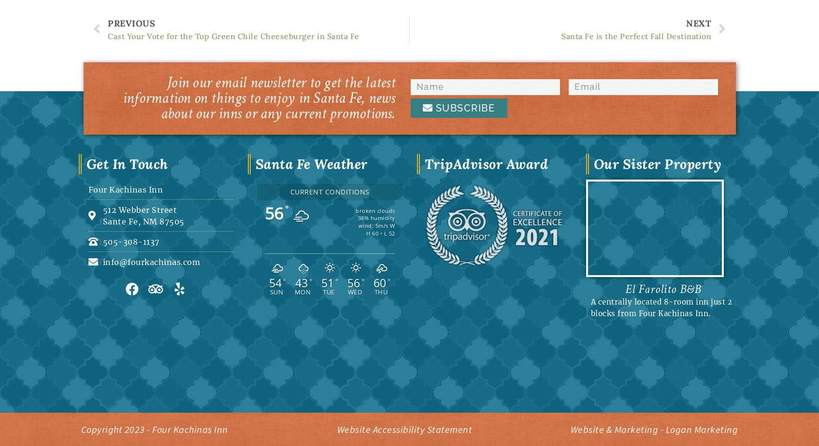  I want to click on 'info@fourkachinas.com', so click(102, 262).